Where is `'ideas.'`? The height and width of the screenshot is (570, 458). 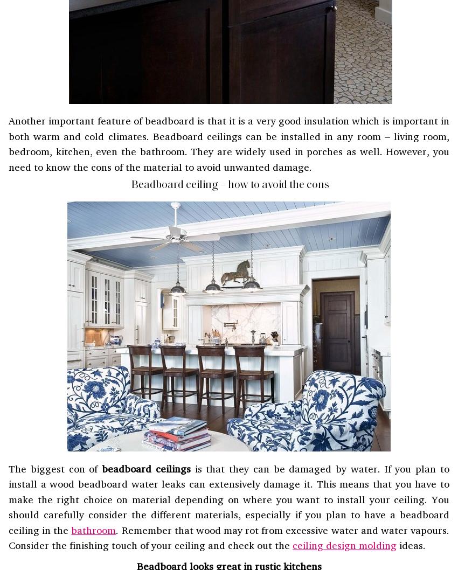
'ideas.' is located at coordinates (411, 544).